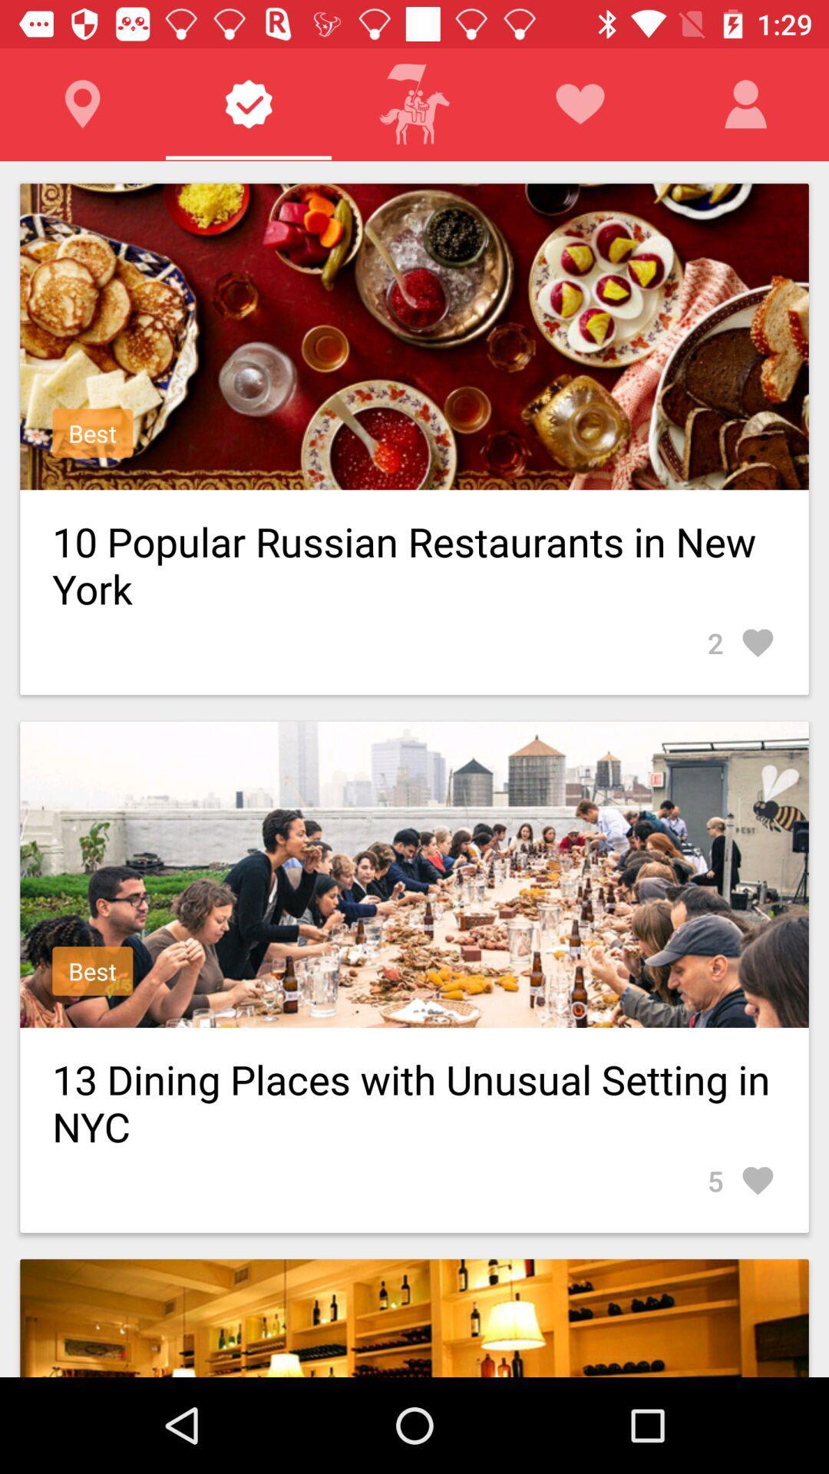 The image size is (829, 1474). I want to click on the 2 item, so click(741, 643).